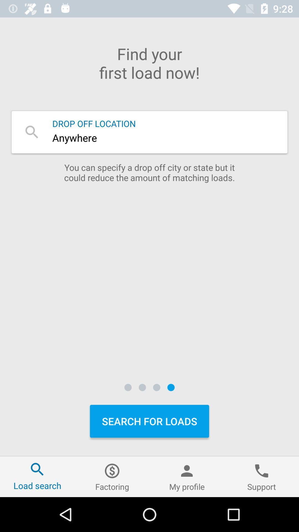 This screenshot has width=299, height=532. I want to click on the item at the bottom left corner, so click(37, 476).